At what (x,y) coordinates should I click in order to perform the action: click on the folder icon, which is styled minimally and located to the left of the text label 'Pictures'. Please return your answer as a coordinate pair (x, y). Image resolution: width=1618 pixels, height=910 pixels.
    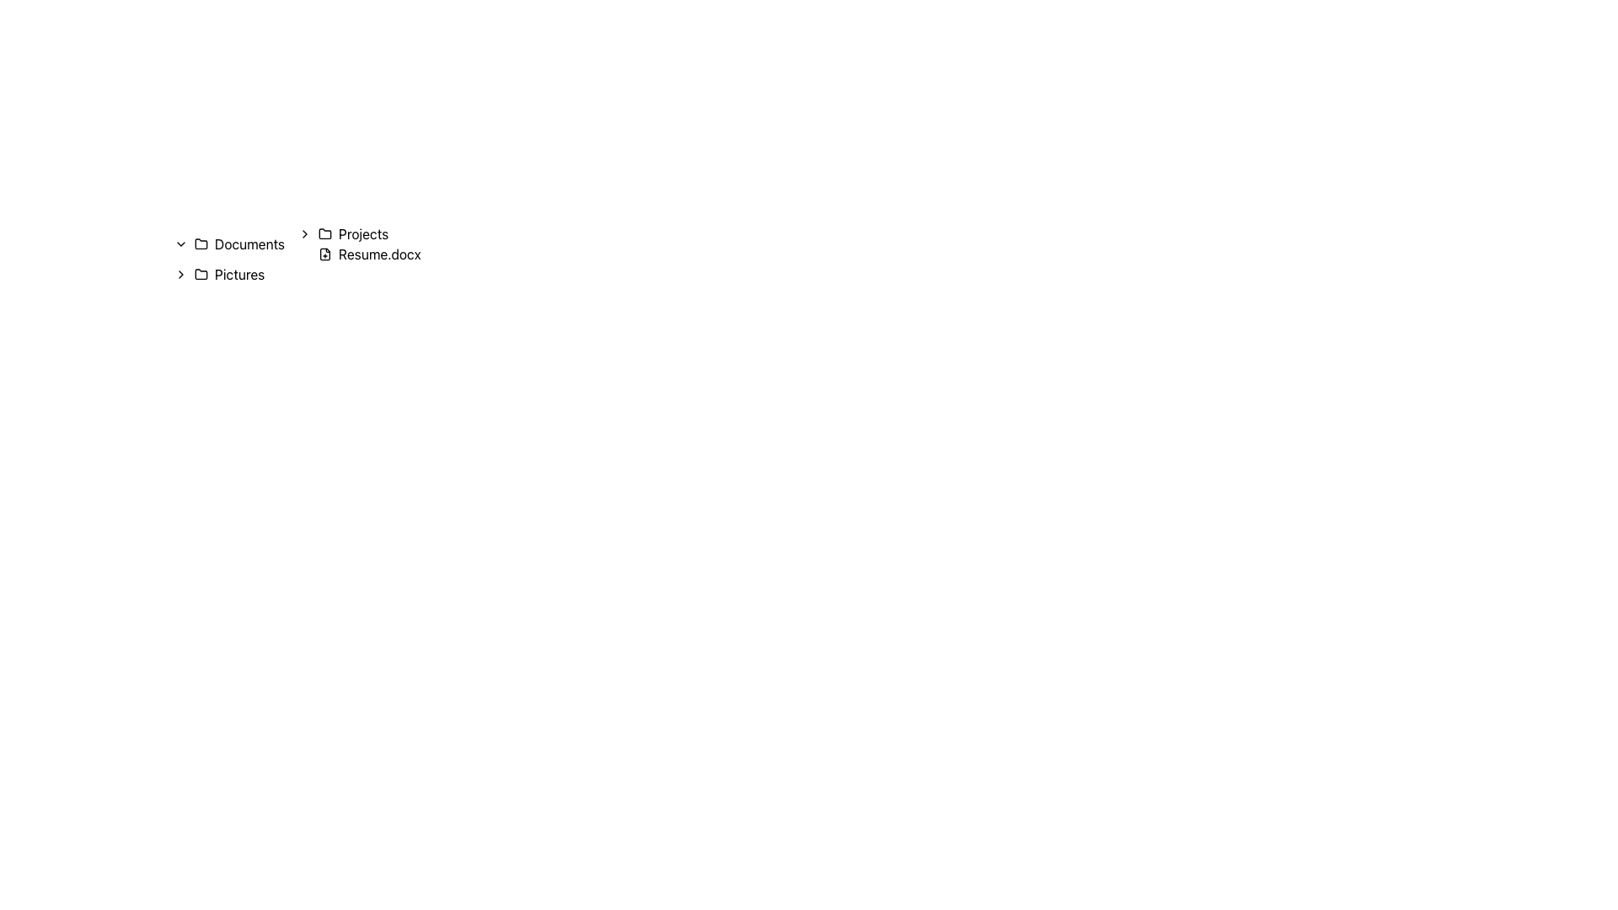
    Looking at the image, I should click on (201, 274).